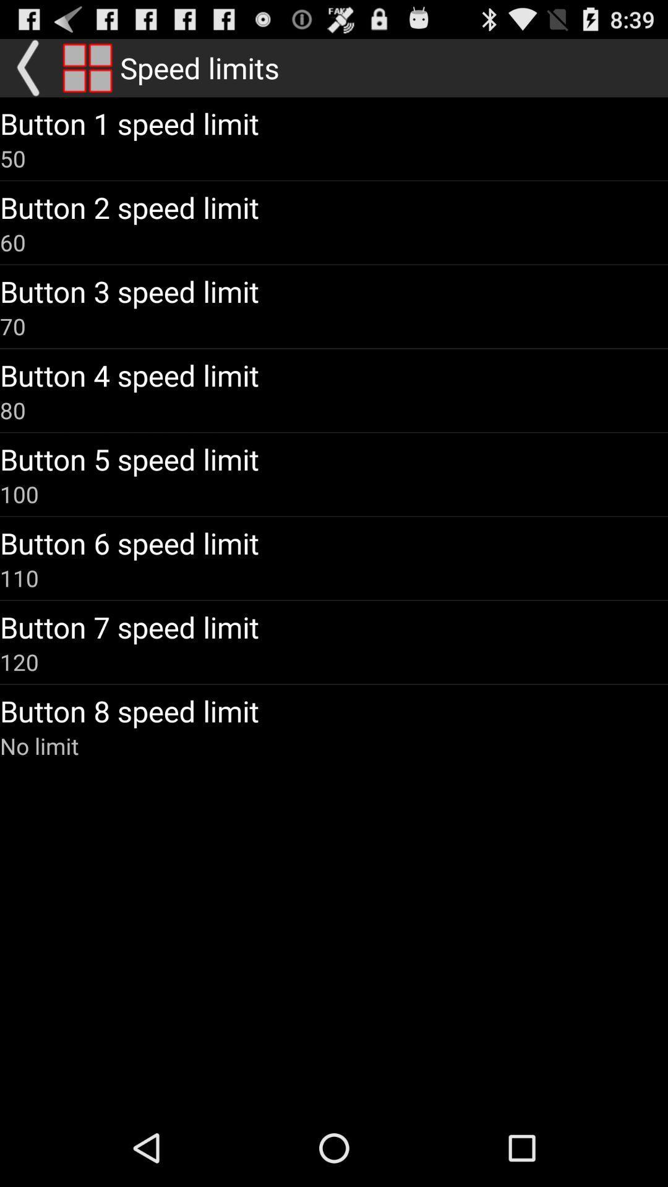  I want to click on 120 item, so click(19, 661).